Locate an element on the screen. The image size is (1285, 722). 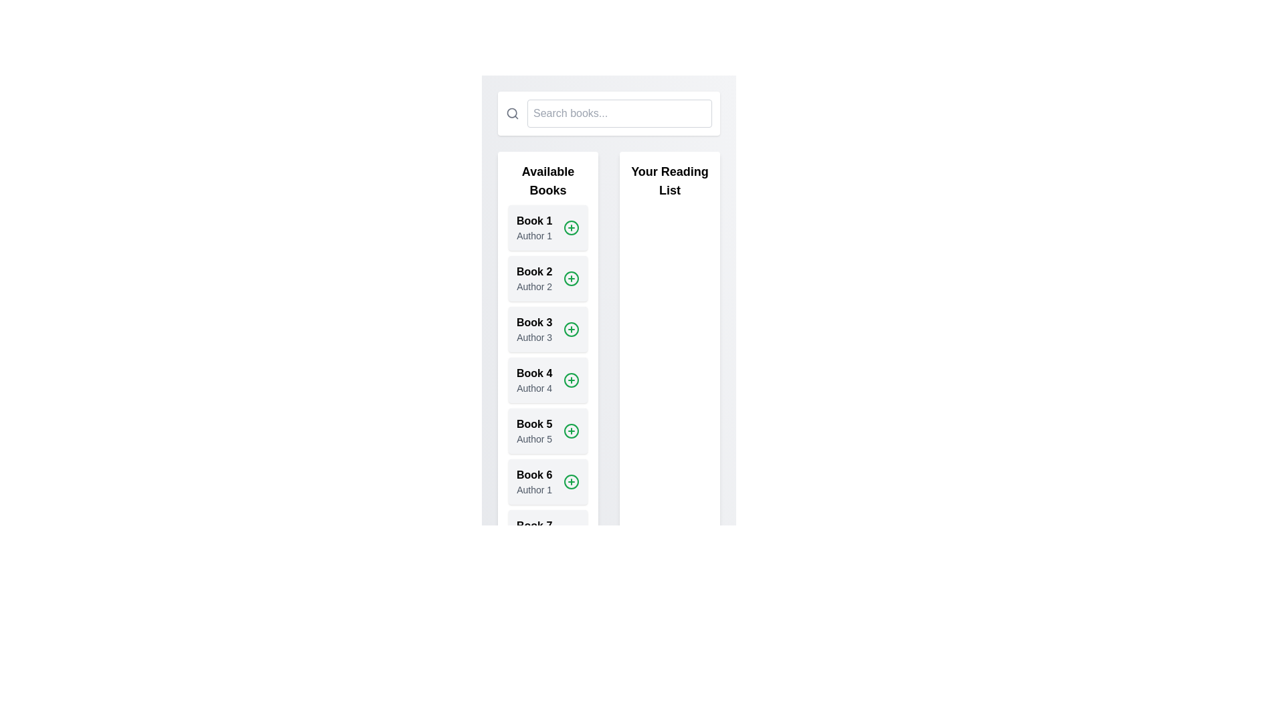
the button located to the right of the text content in the first book card is located at coordinates (572, 227).